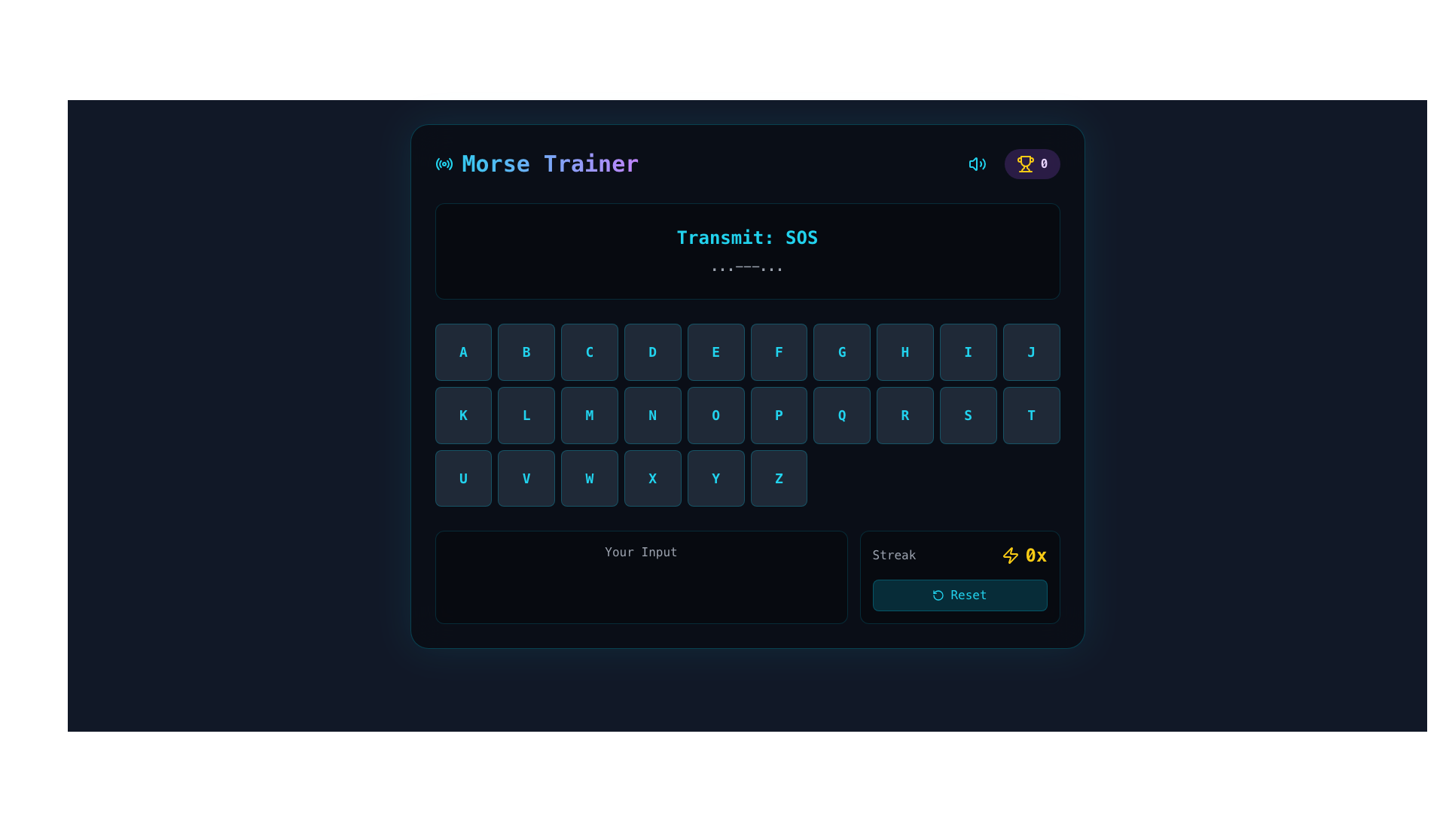 This screenshot has width=1446, height=813. Describe the element at coordinates (462, 478) in the screenshot. I see `the selectable button located in the first column of the fifth row of a grid layout to input the letter 'U'` at that location.